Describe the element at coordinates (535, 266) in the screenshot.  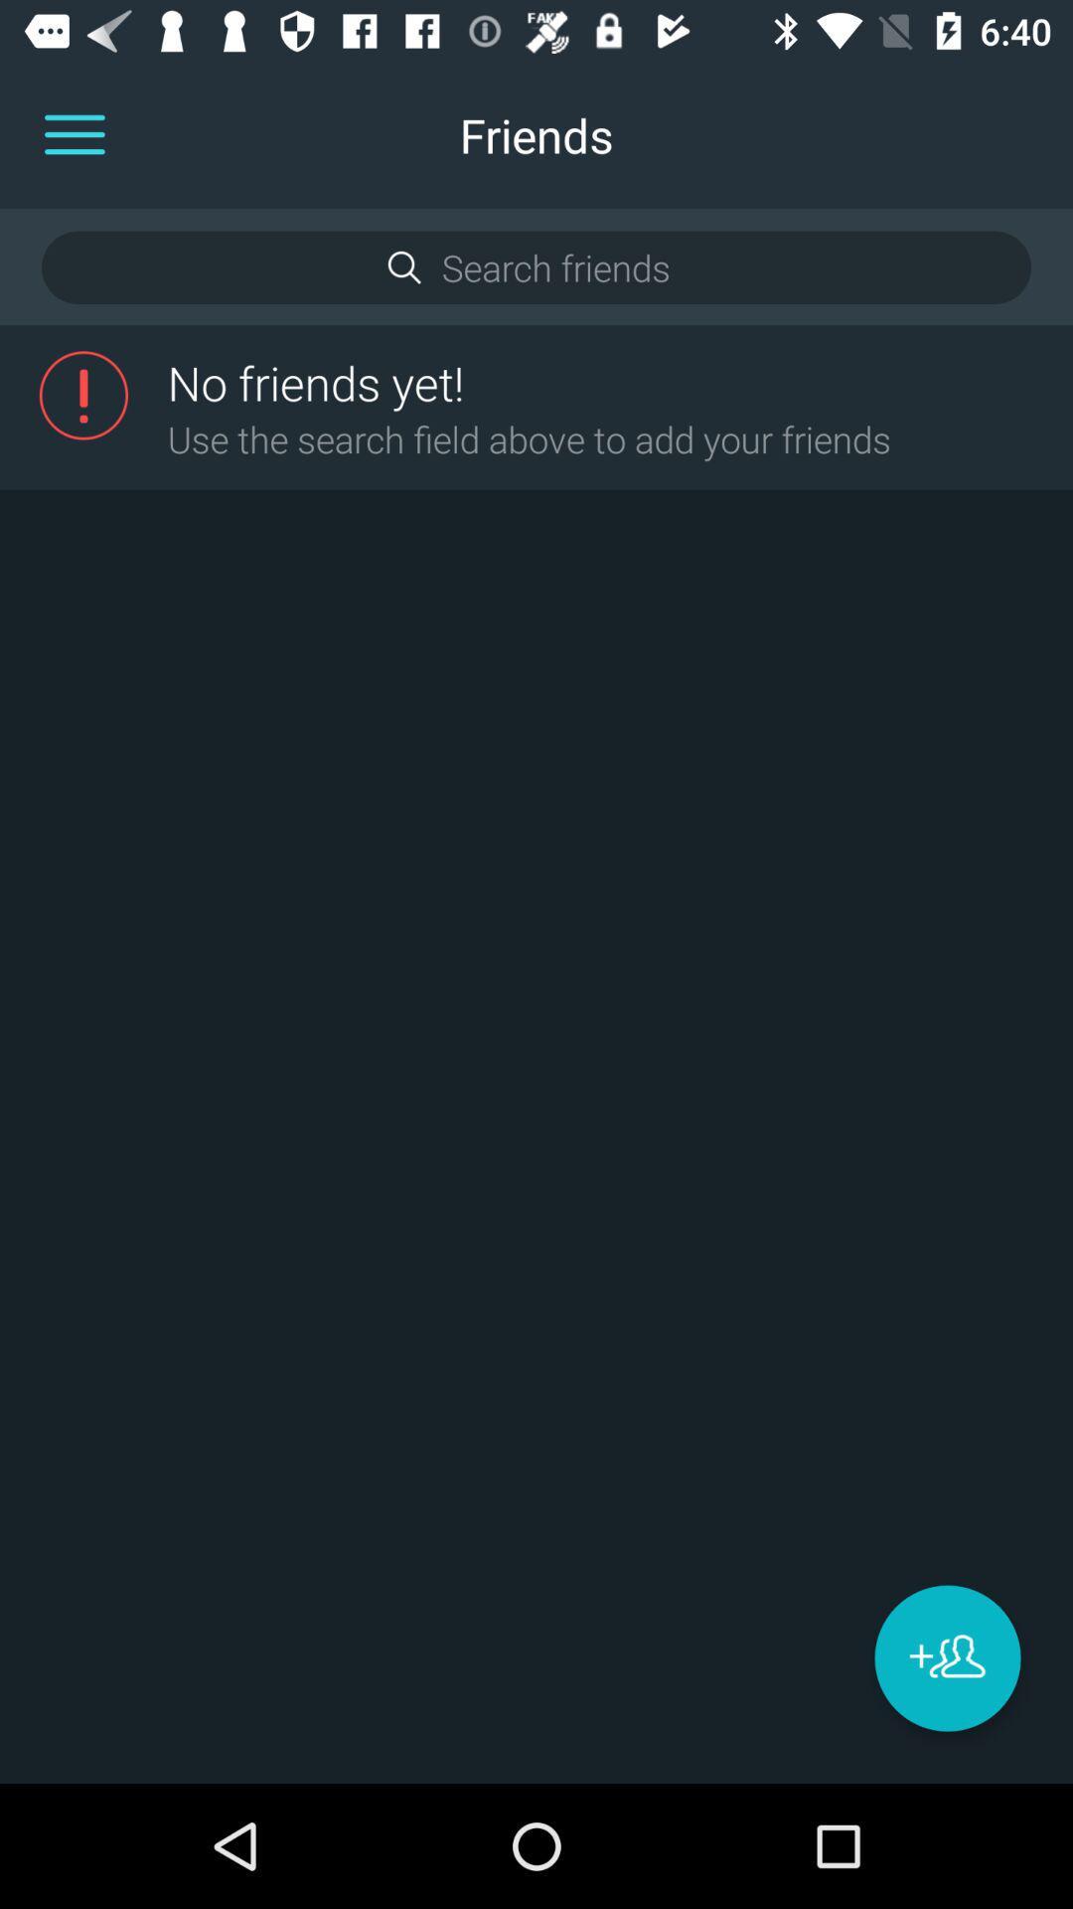
I see `search in friends list` at that location.